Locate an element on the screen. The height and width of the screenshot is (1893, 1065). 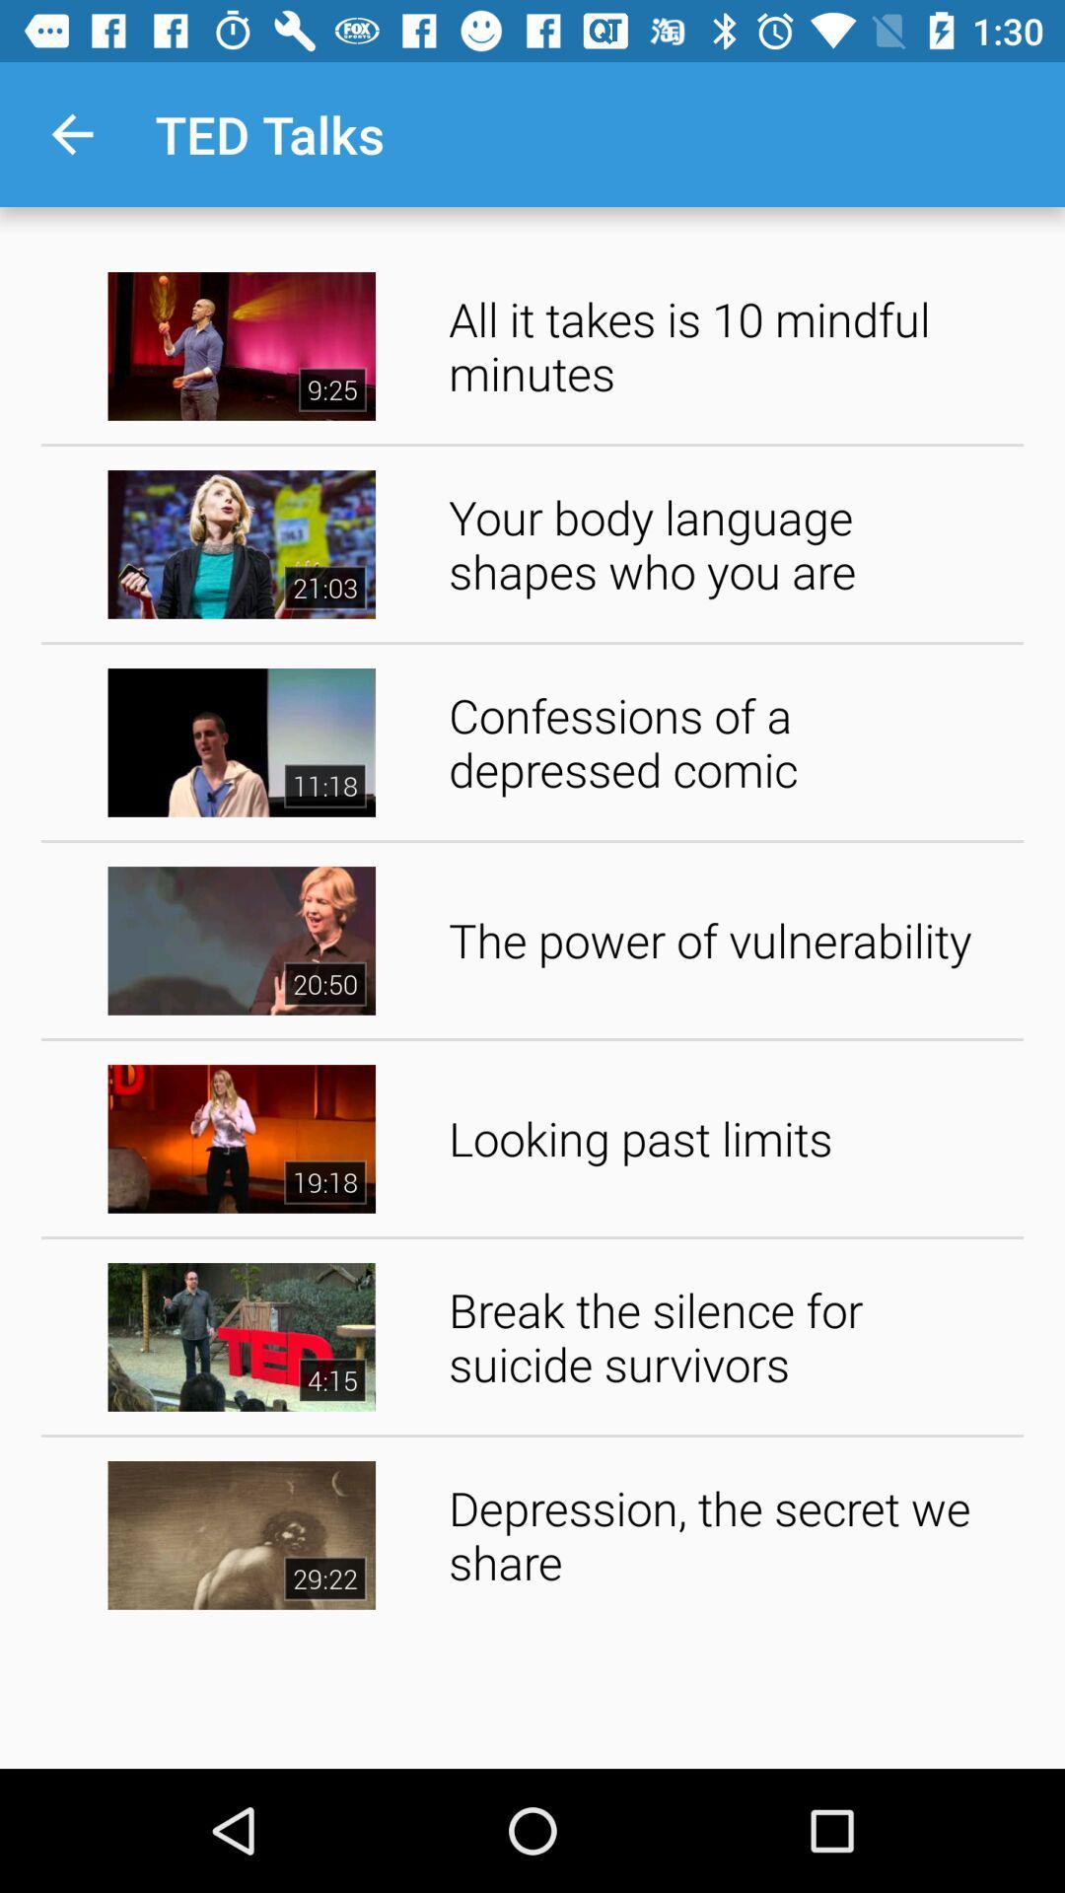
icon above break the silence item is located at coordinates (729, 1139).